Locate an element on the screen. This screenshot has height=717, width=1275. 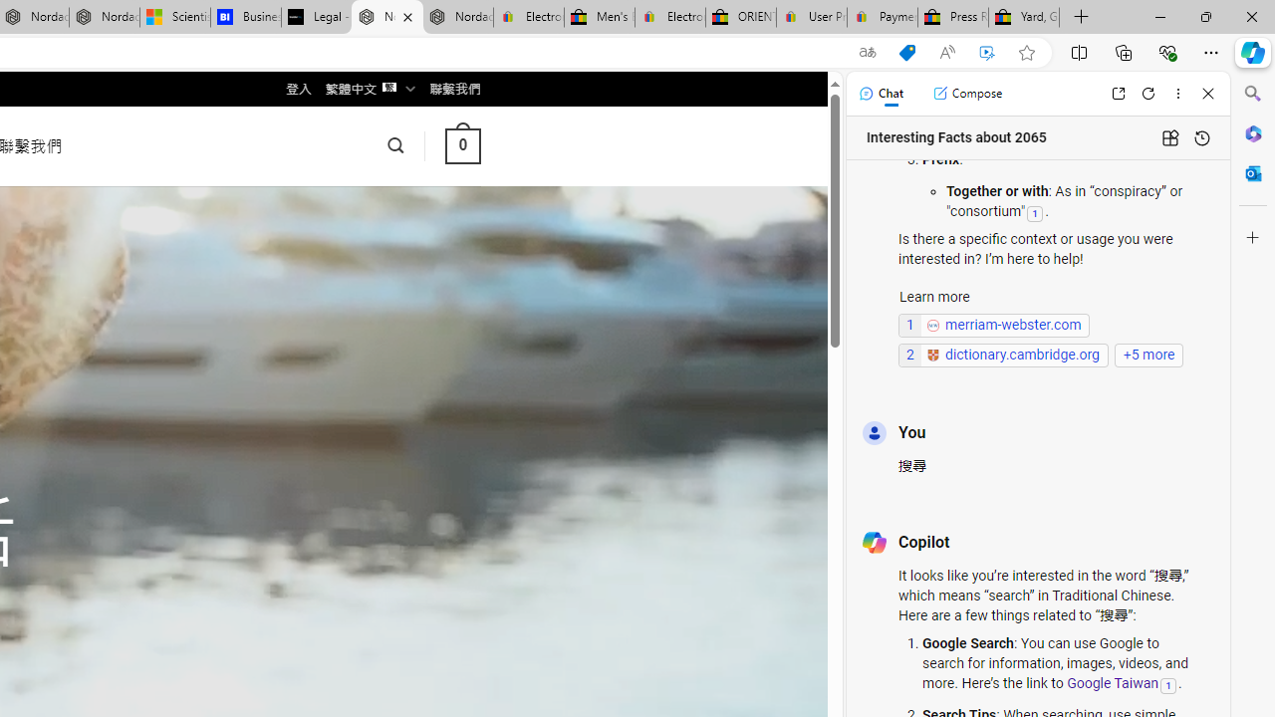
'Enhance video' is located at coordinates (987, 52).